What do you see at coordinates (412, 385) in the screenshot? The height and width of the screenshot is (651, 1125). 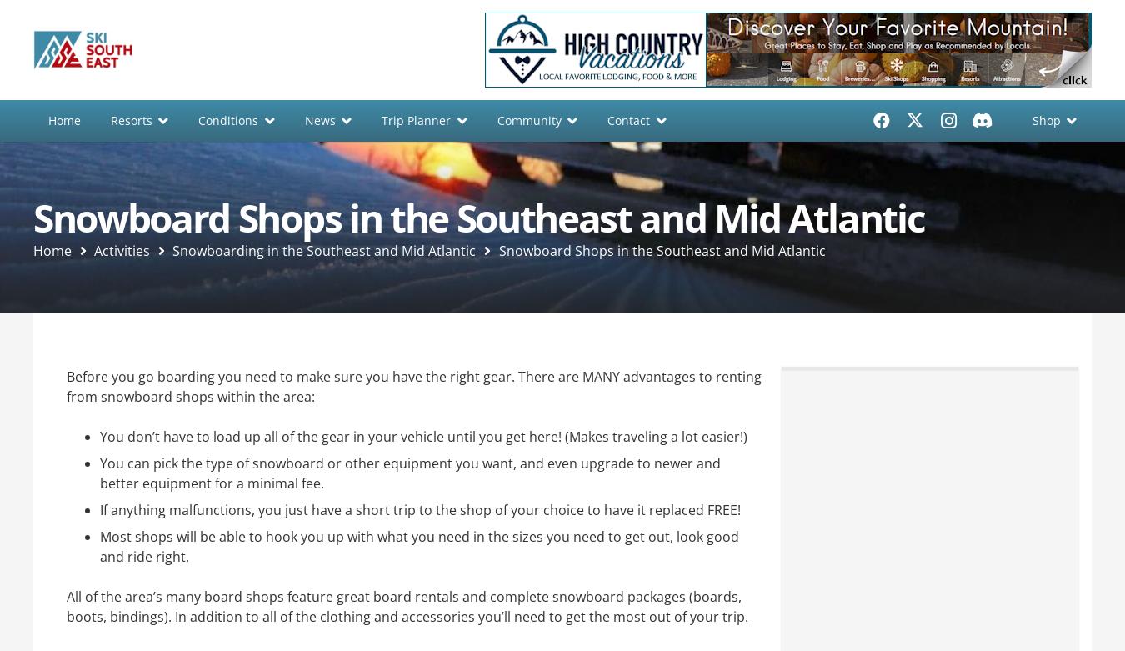 I see `'Before you go boarding you need to make sure you have the right gear. There are MANY advantages to renting from snowboard shops within the area:'` at bounding box center [412, 385].